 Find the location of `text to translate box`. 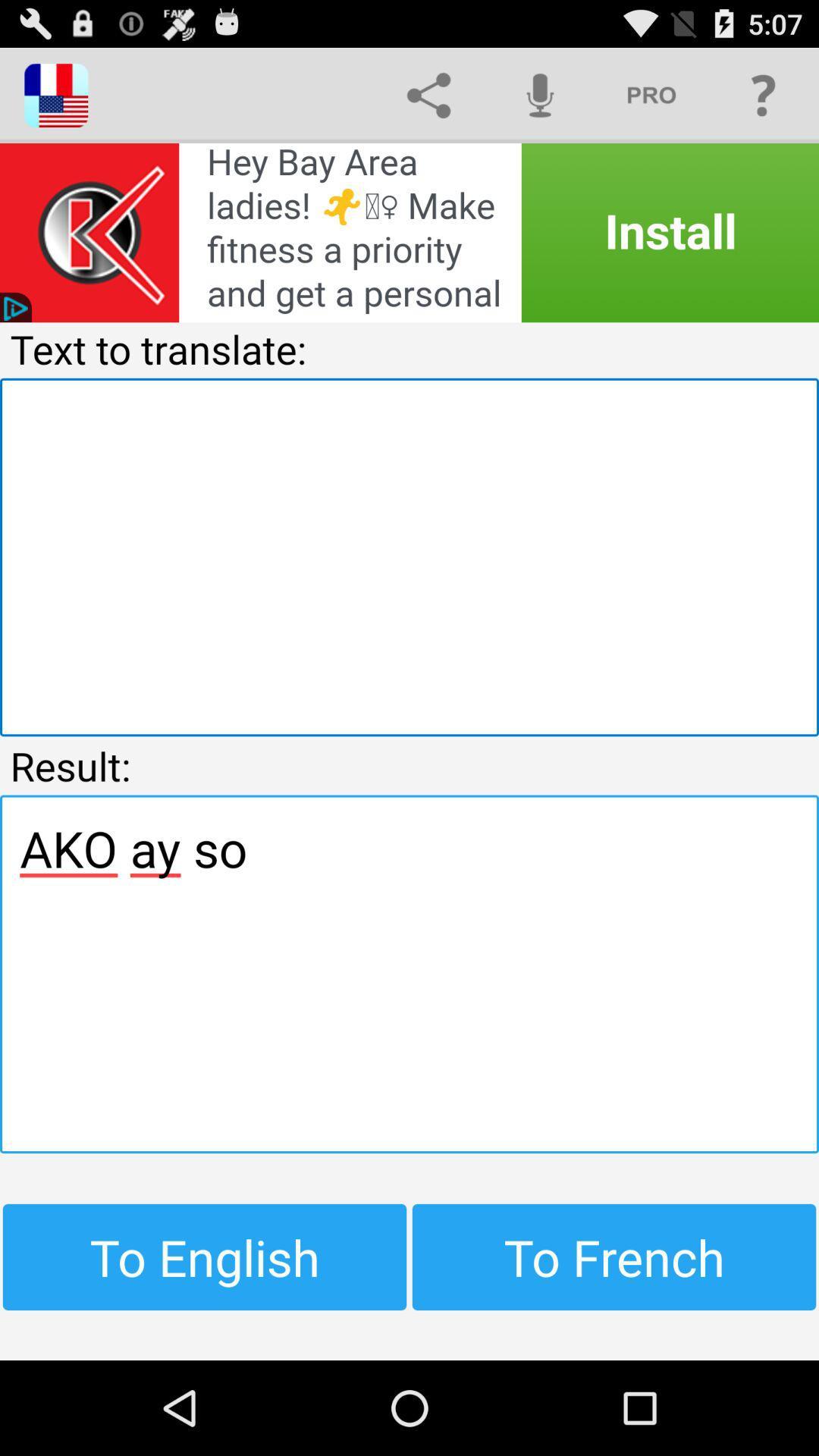

text to translate box is located at coordinates (409, 556).